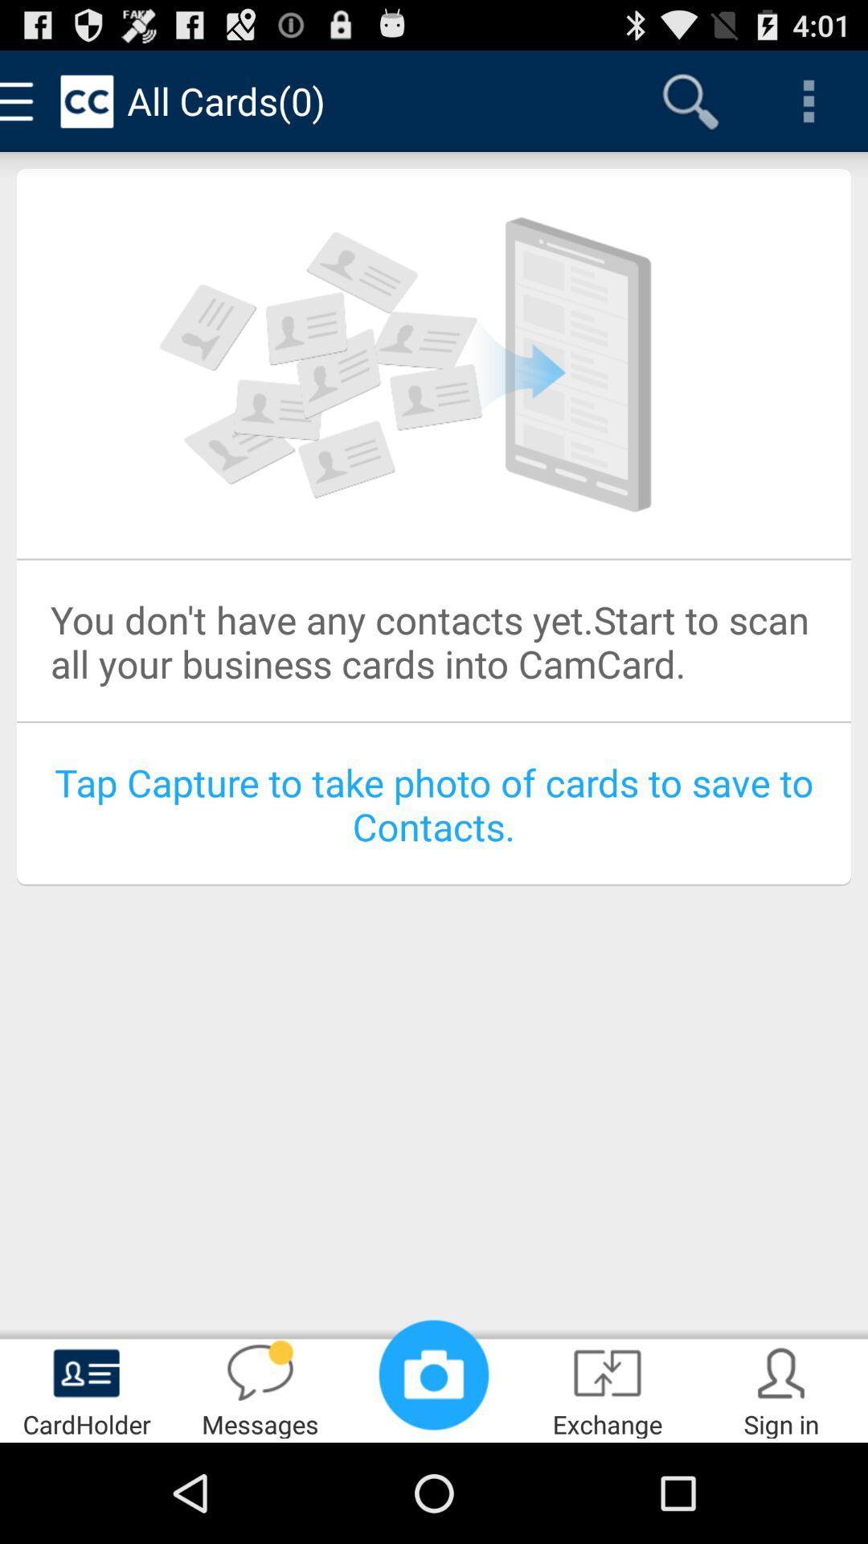  I want to click on icon below the you don t app, so click(434, 804).